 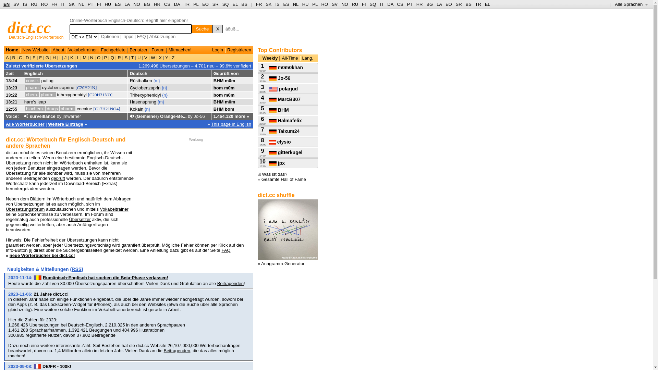 What do you see at coordinates (239, 49) in the screenshot?
I see `'Registrieren'` at bounding box center [239, 49].